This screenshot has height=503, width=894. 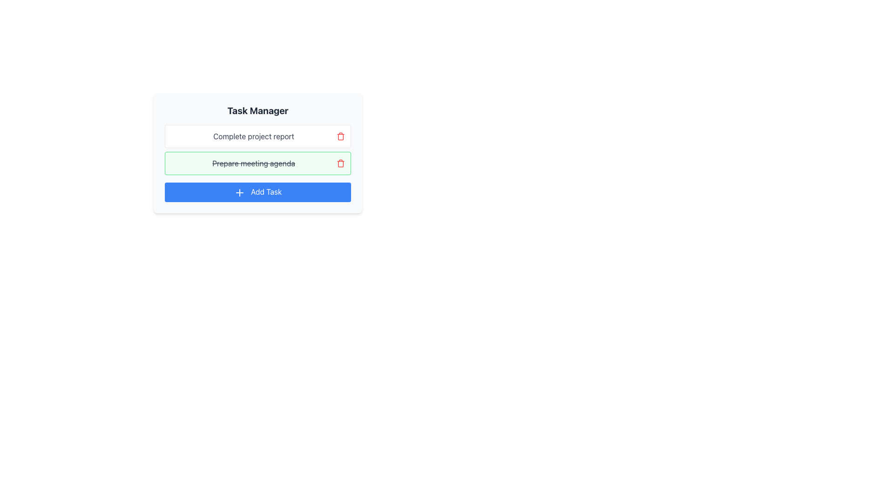 What do you see at coordinates (257, 136) in the screenshot?
I see `the task entry labeled 'Complete project report'` at bounding box center [257, 136].